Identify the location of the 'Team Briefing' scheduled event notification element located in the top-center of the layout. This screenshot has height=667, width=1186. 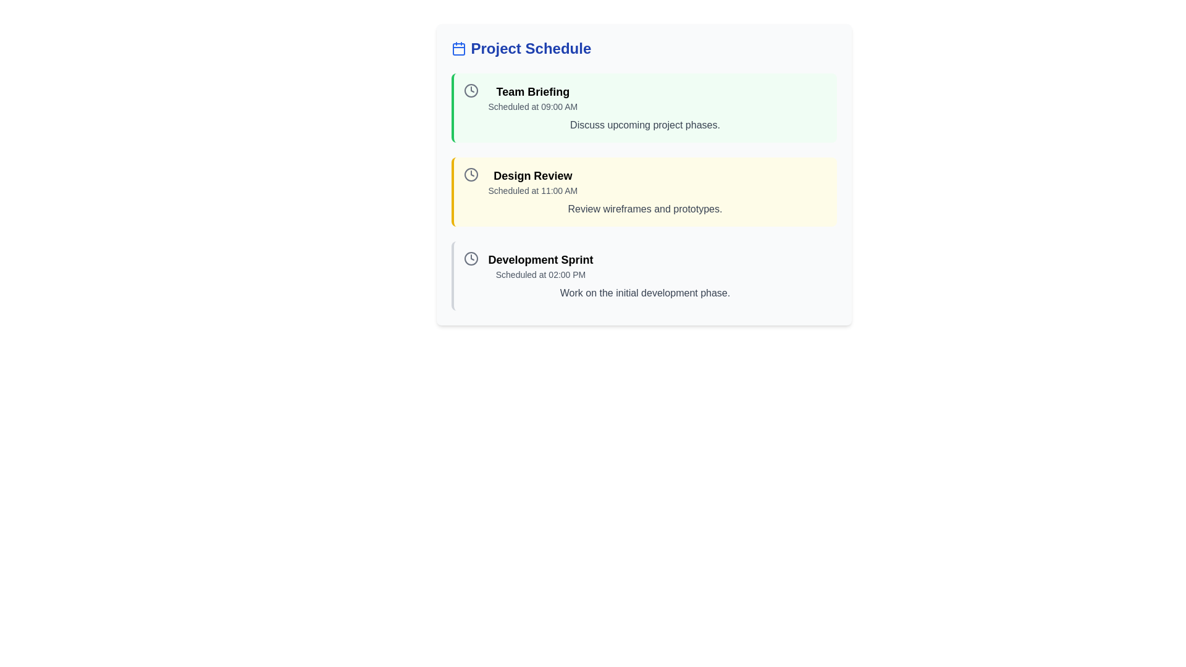
(644, 97).